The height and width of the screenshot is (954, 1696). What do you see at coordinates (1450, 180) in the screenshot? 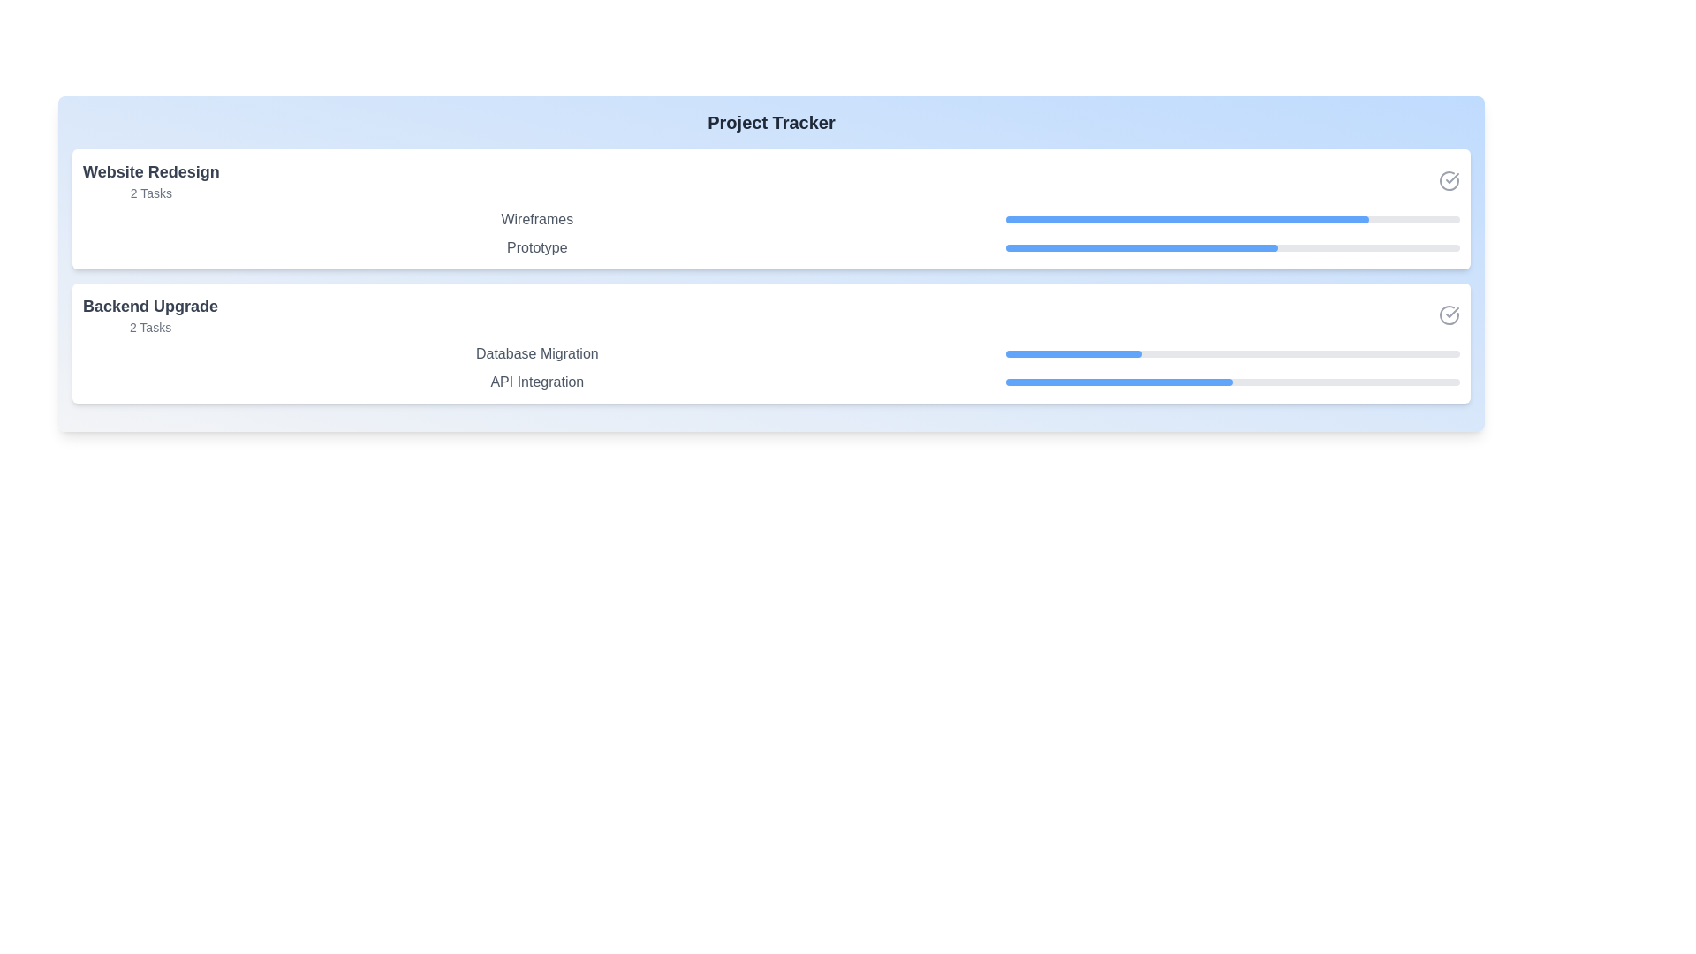
I see `the circled checkmark icon indicating completion status for the 'Website Redesign' task group` at bounding box center [1450, 180].